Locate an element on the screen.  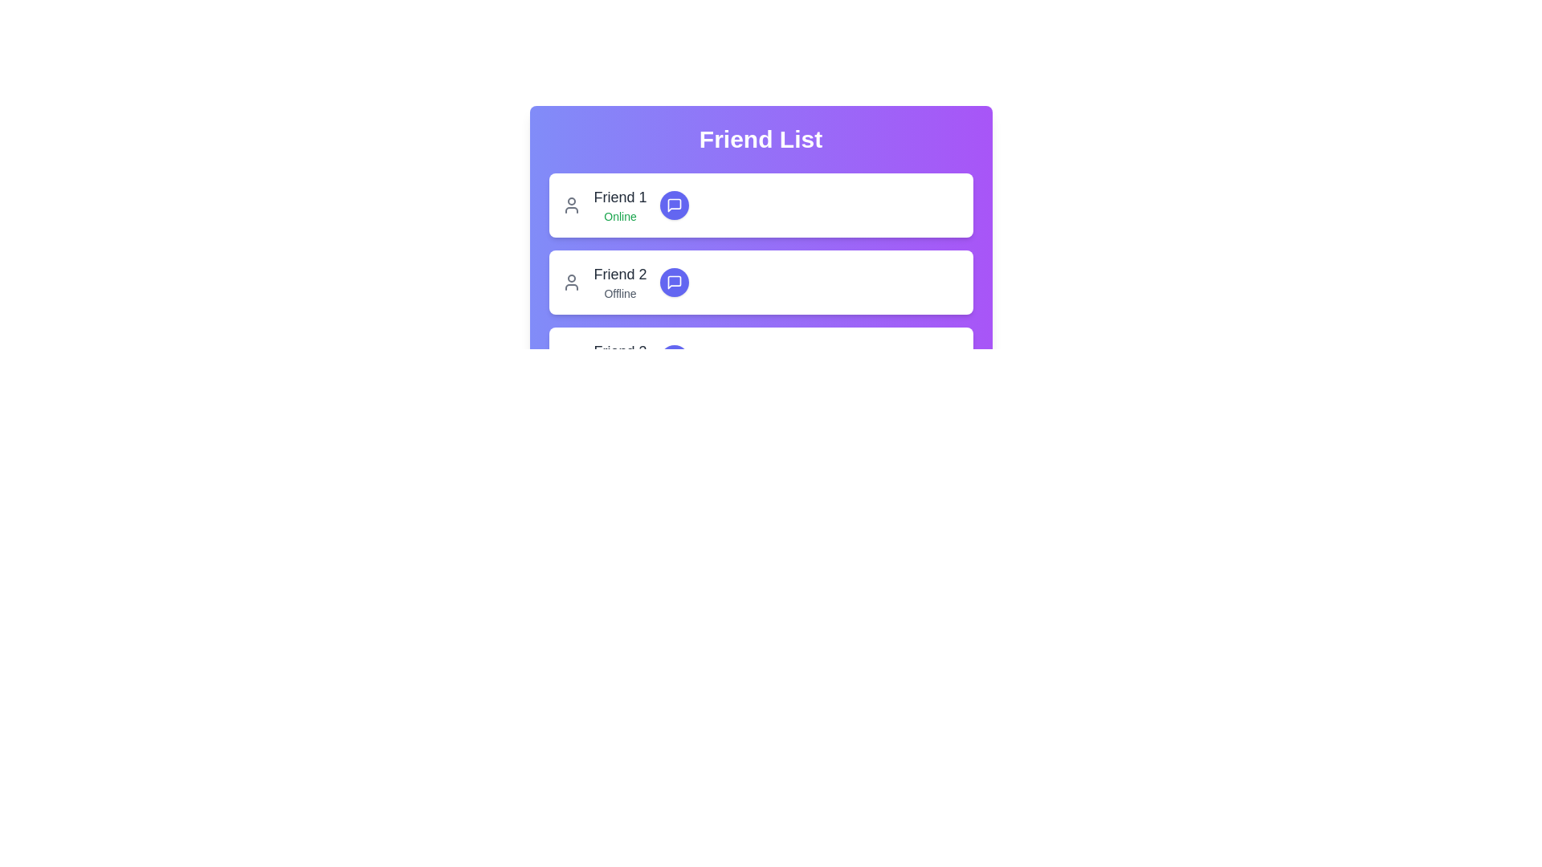
the button to initiate a messaging action with 'Friend 2' located at the far-right of the card in the 'Friend List' interface is located at coordinates (674, 281).